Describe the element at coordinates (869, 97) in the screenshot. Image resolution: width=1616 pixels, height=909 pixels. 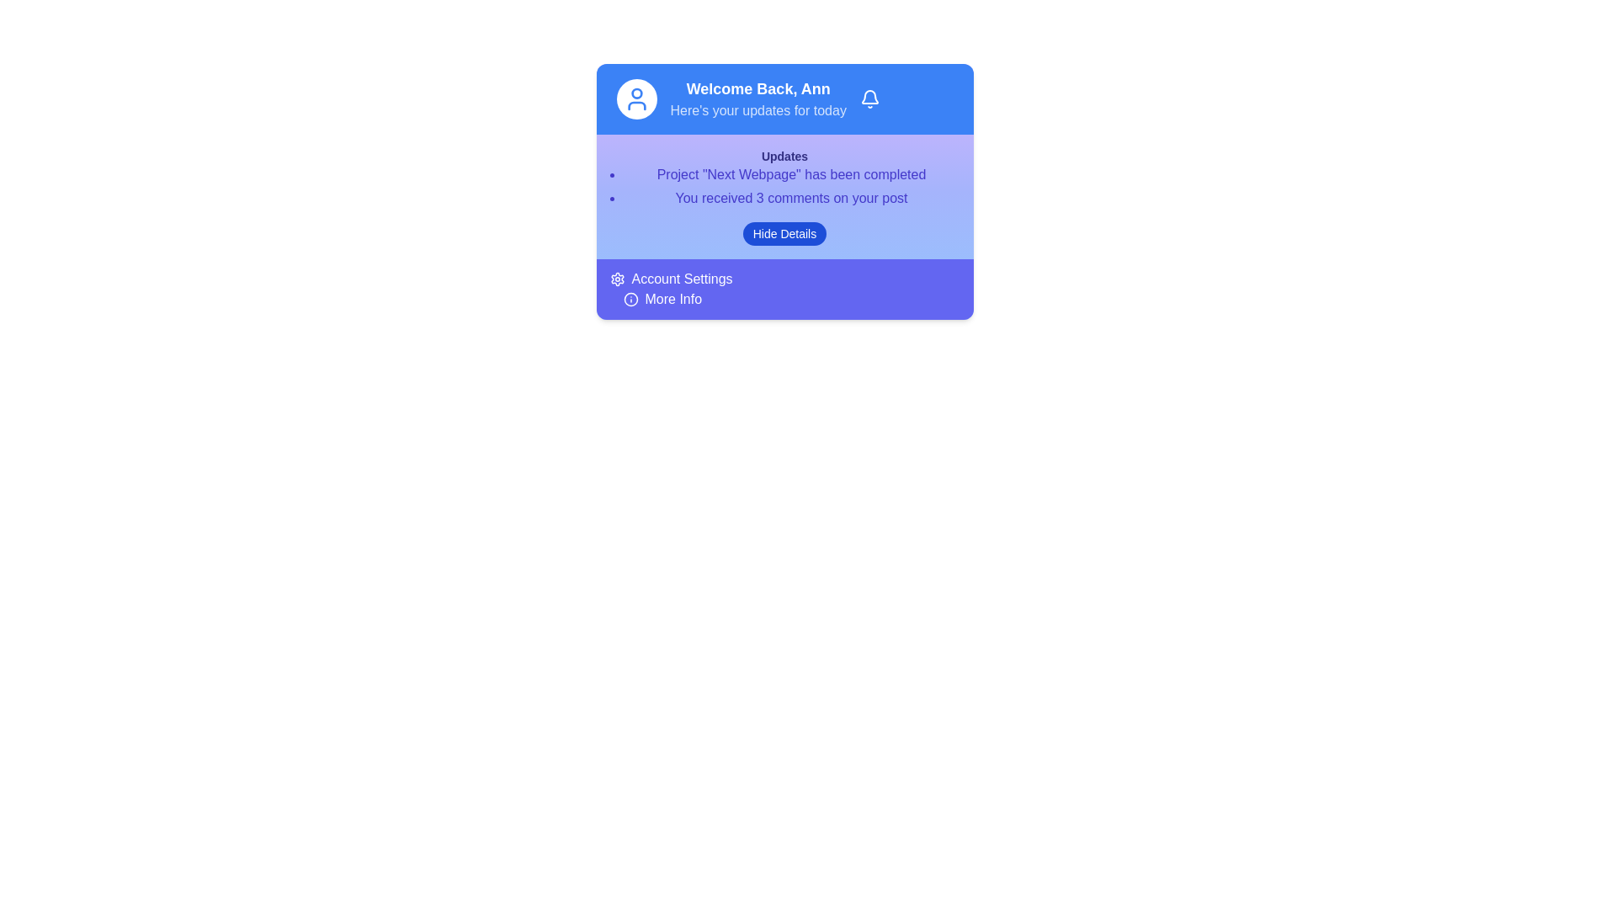
I see `the bell-shaped notification icon located at the top-right corner of the user interface card, which visually indicates alerts related to the user's account` at that location.